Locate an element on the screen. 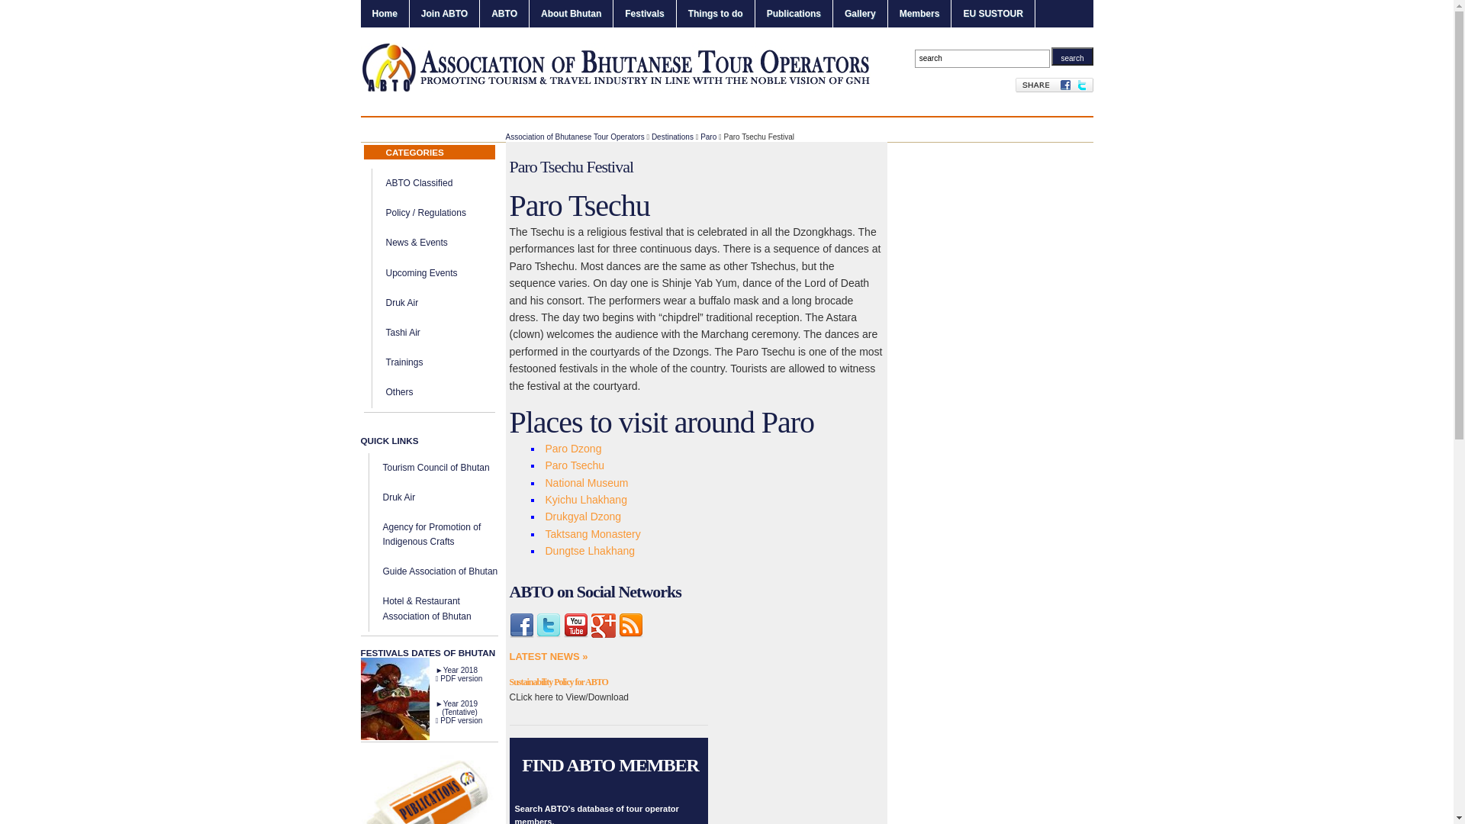  'Hotel & Restaurant Association of Bhutan' is located at coordinates (383, 607).